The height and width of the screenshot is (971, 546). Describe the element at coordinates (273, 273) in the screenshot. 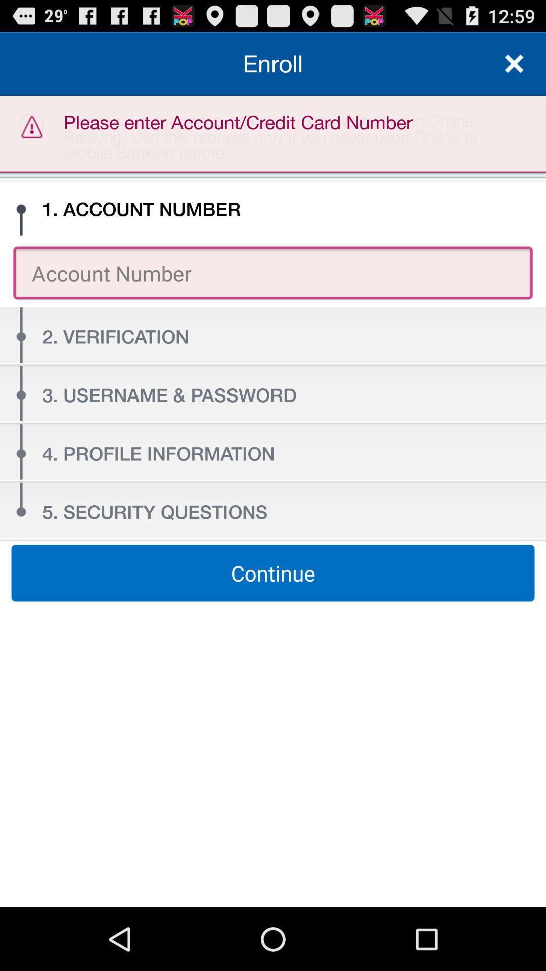

I see `account number` at that location.